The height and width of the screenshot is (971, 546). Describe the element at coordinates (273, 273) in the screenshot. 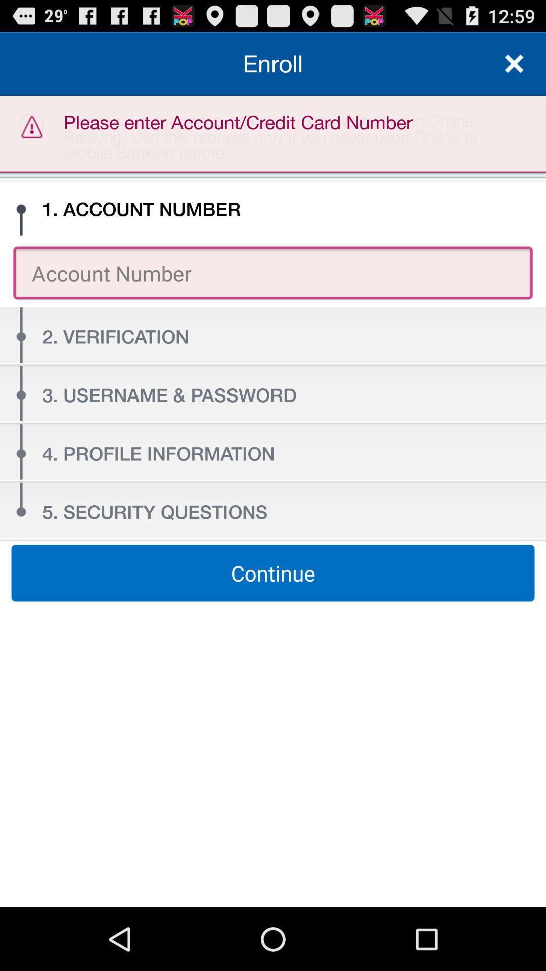

I see `account number` at that location.